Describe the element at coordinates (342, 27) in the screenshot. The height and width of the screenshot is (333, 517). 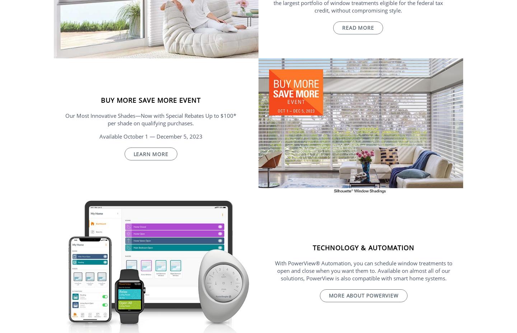
I see `'Read More'` at that location.